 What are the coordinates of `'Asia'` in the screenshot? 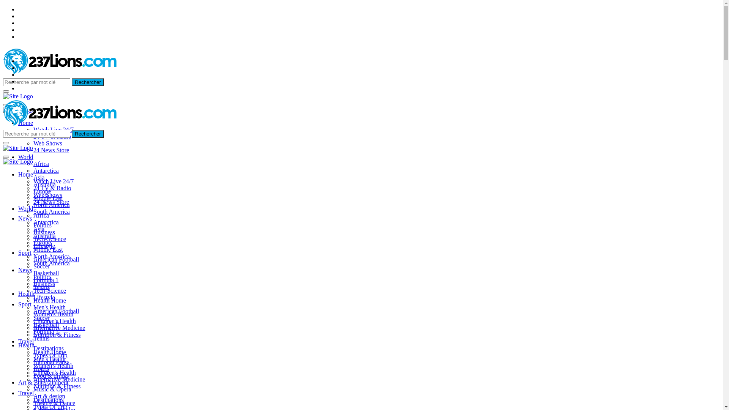 It's located at (33, 177).